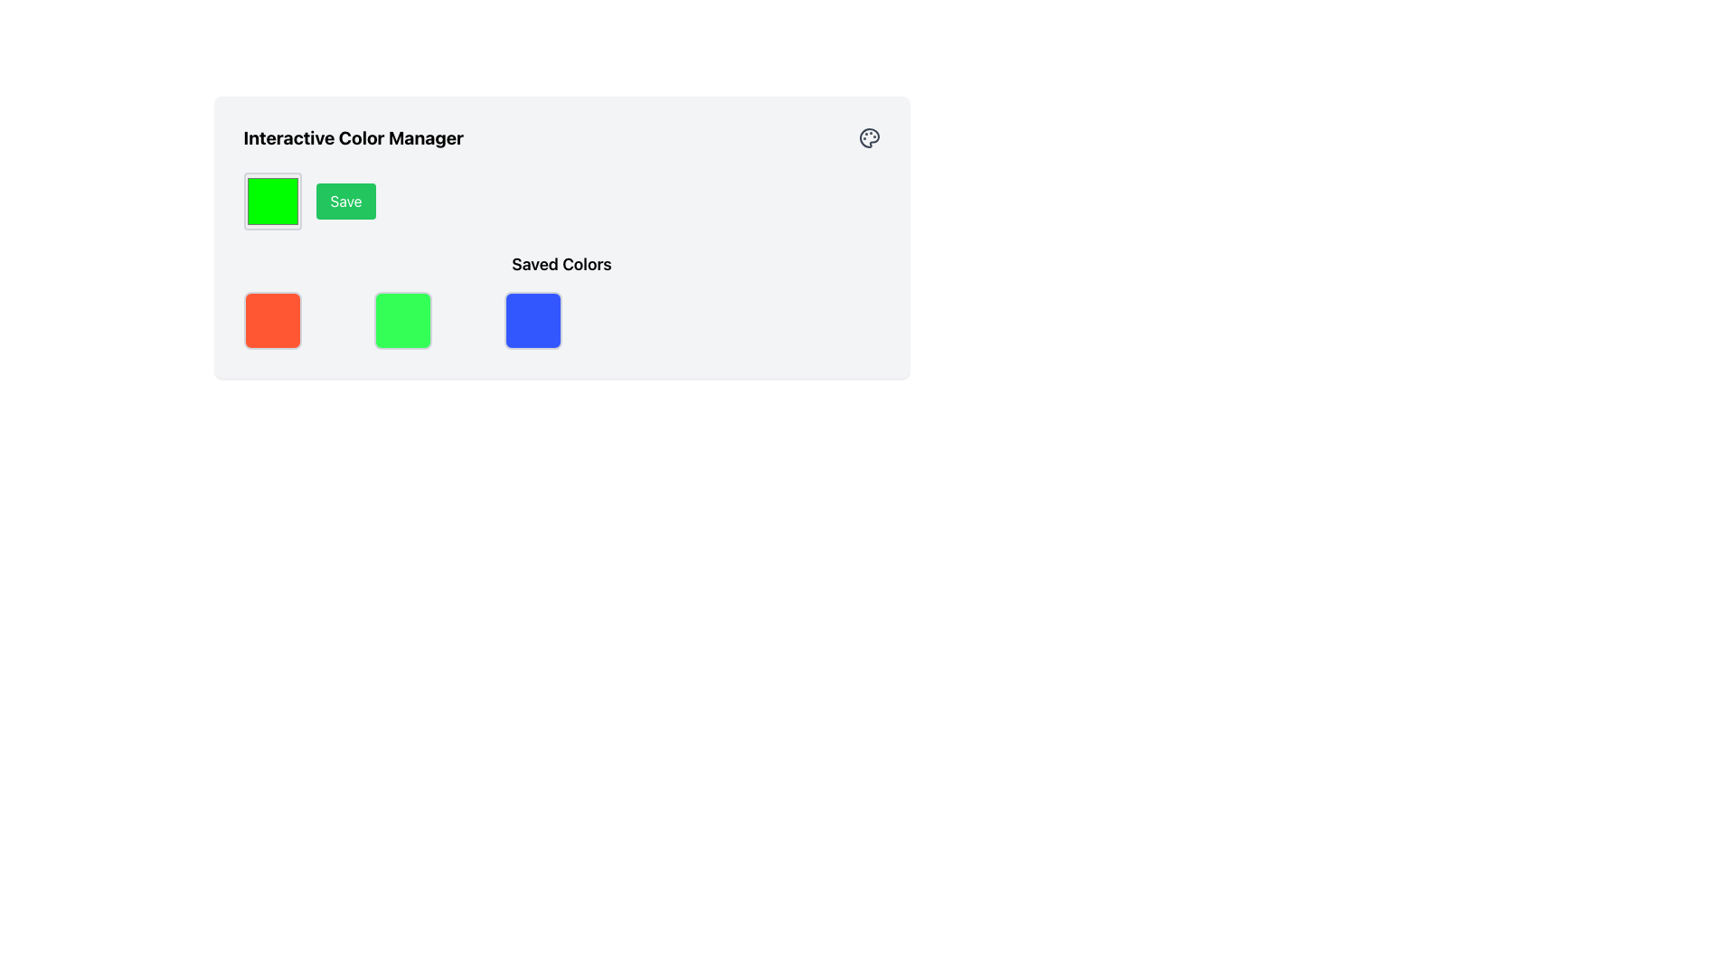  Describe the element at coordinates (561, 299) in the screenshot. I see `the third color tile in the 'Saved Colors' subsection, which serves as a color display or selection indicator` at that location.